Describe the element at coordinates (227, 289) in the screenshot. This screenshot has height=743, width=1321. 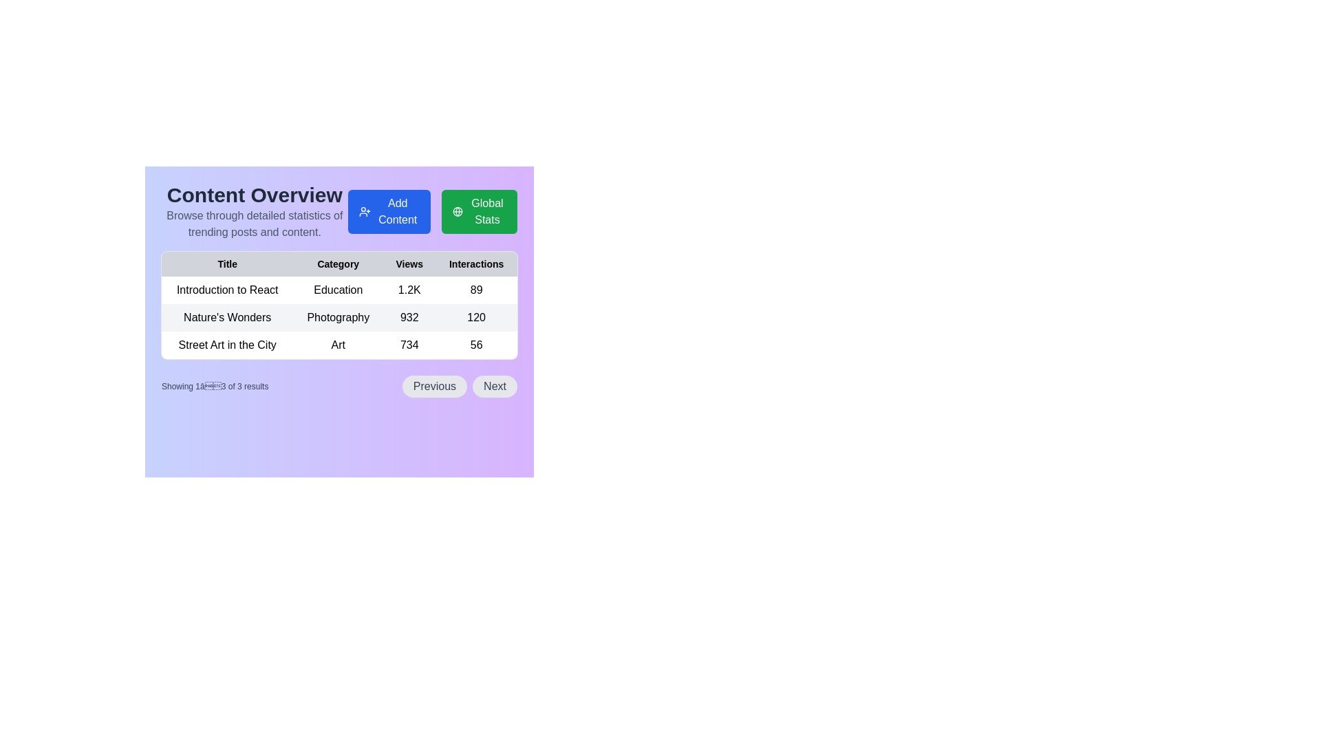
I see `the text label displaying 'Introduction to React' located in the first row under the 'Title' column of the table` at that location.